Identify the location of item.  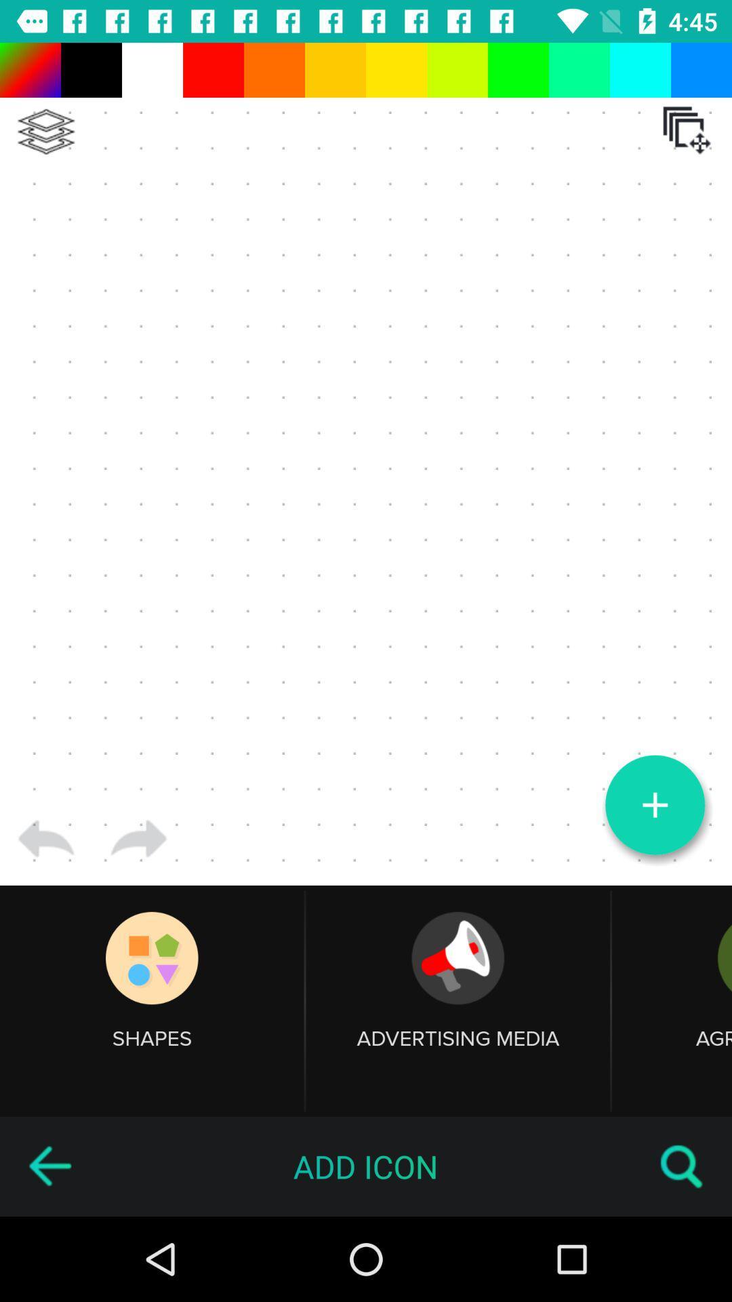
(654, 805).